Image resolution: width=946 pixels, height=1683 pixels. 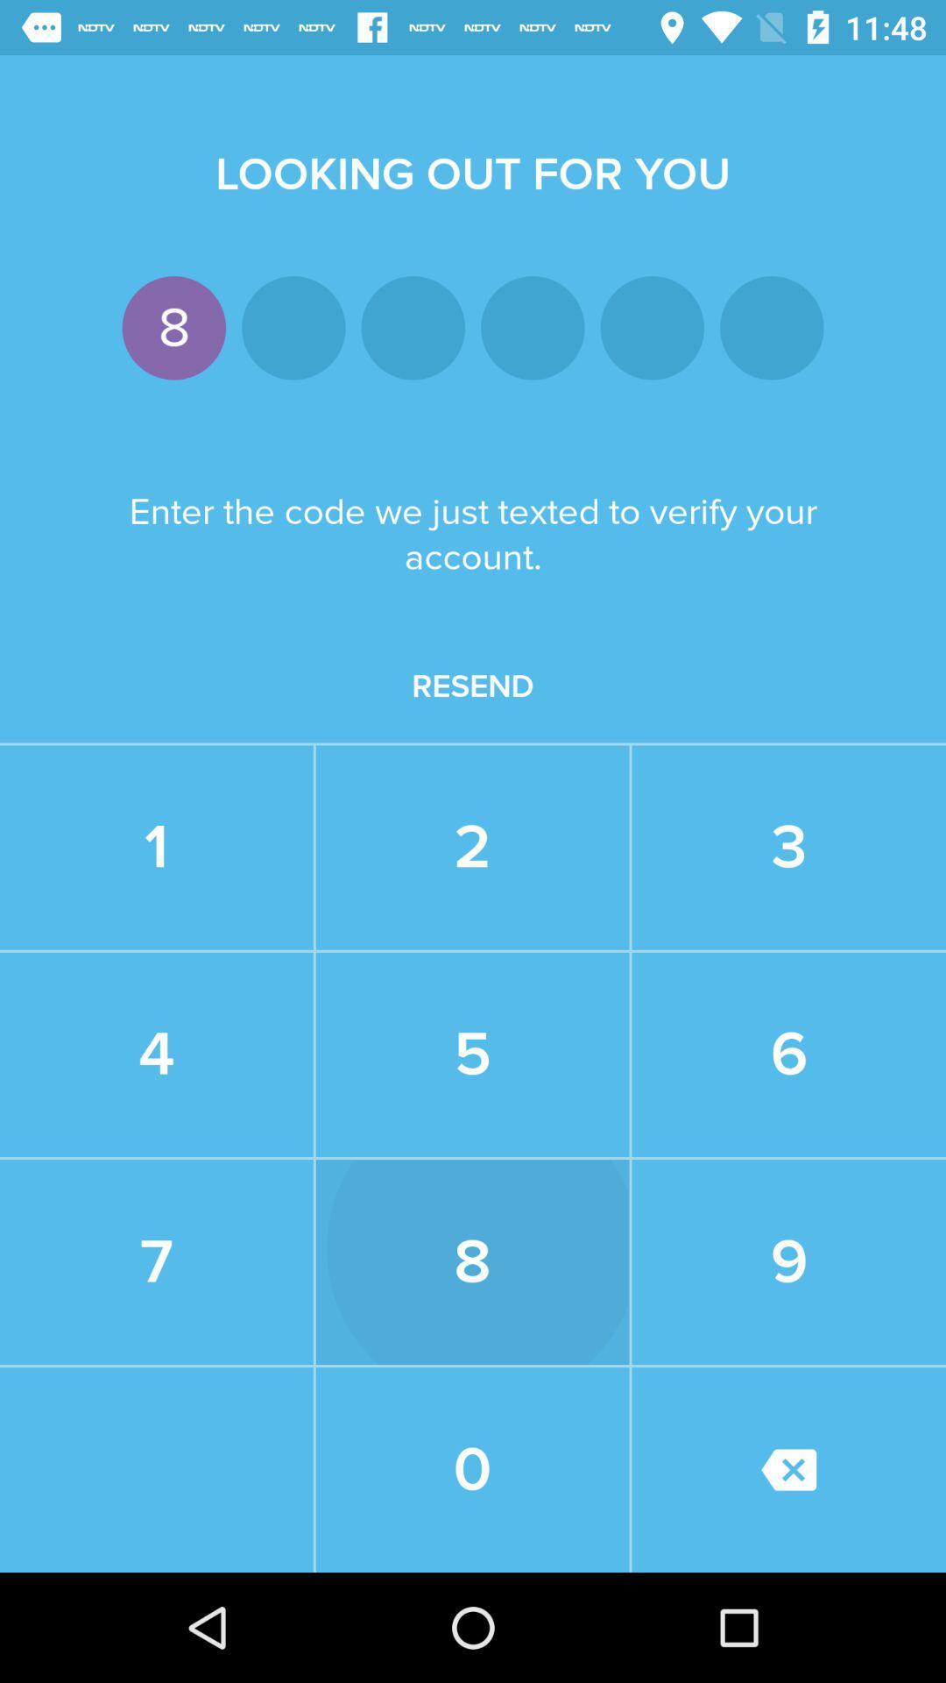 I want to click on 5, so click(x=471, y=1054).